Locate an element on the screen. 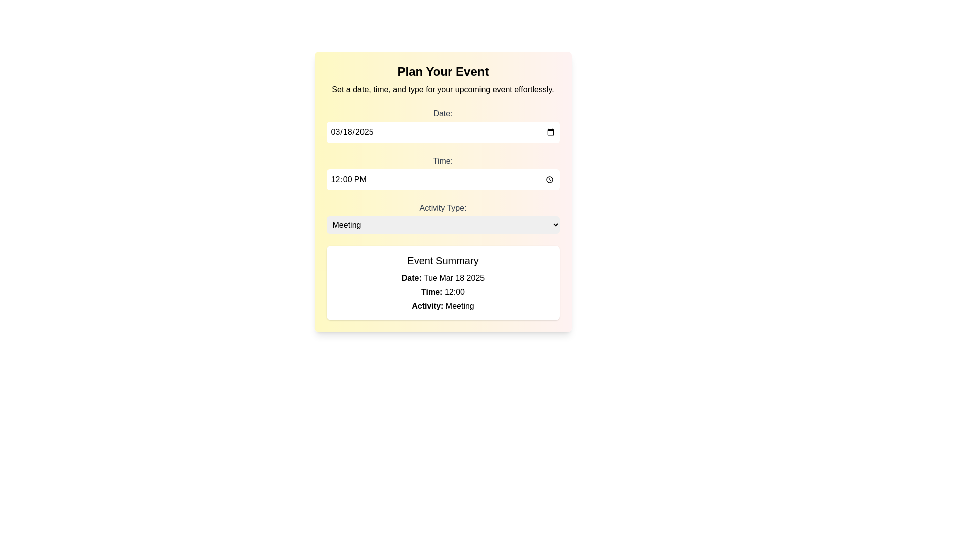  the 'Time:' label, which is styled in bold font and located in the 'Event Summary' section, aligned to the left of the time value '12:00' is located at coordinates (432, 292).